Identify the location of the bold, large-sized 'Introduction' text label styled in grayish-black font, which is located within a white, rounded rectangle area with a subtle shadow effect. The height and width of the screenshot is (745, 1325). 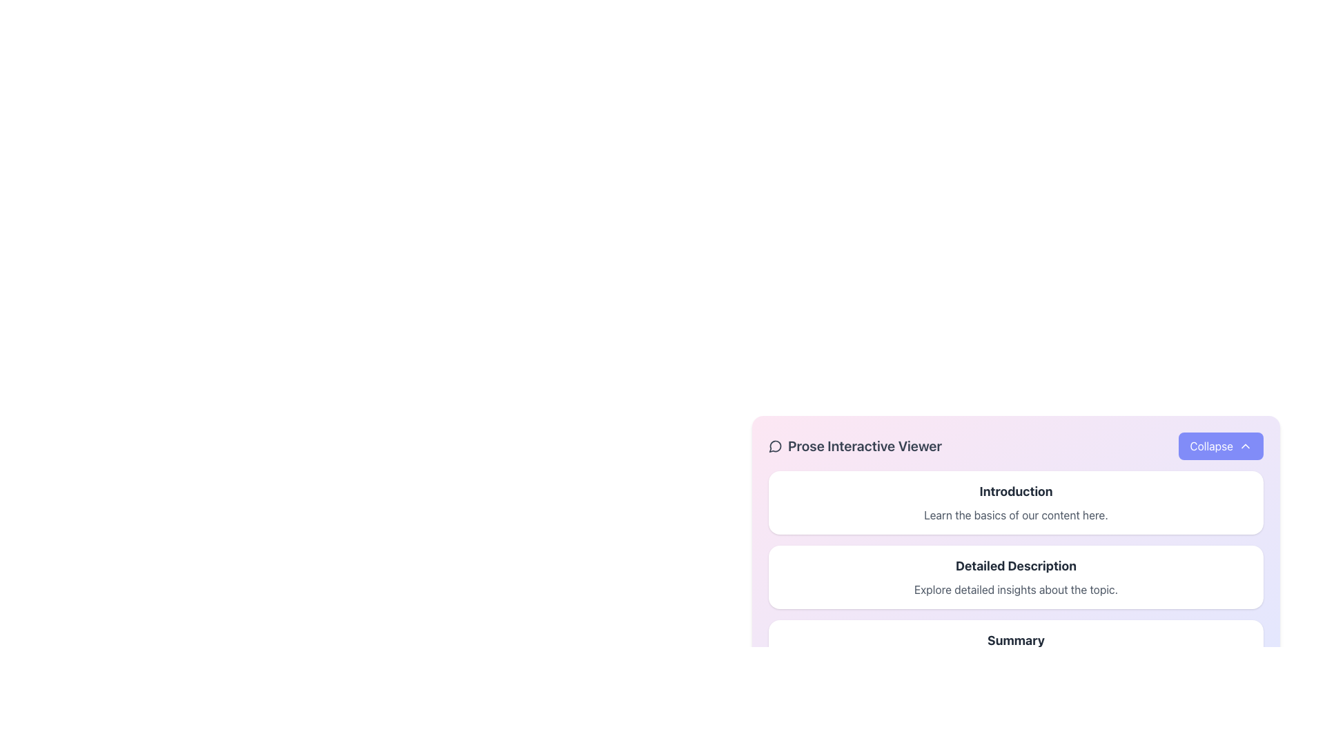
(1016, 491).